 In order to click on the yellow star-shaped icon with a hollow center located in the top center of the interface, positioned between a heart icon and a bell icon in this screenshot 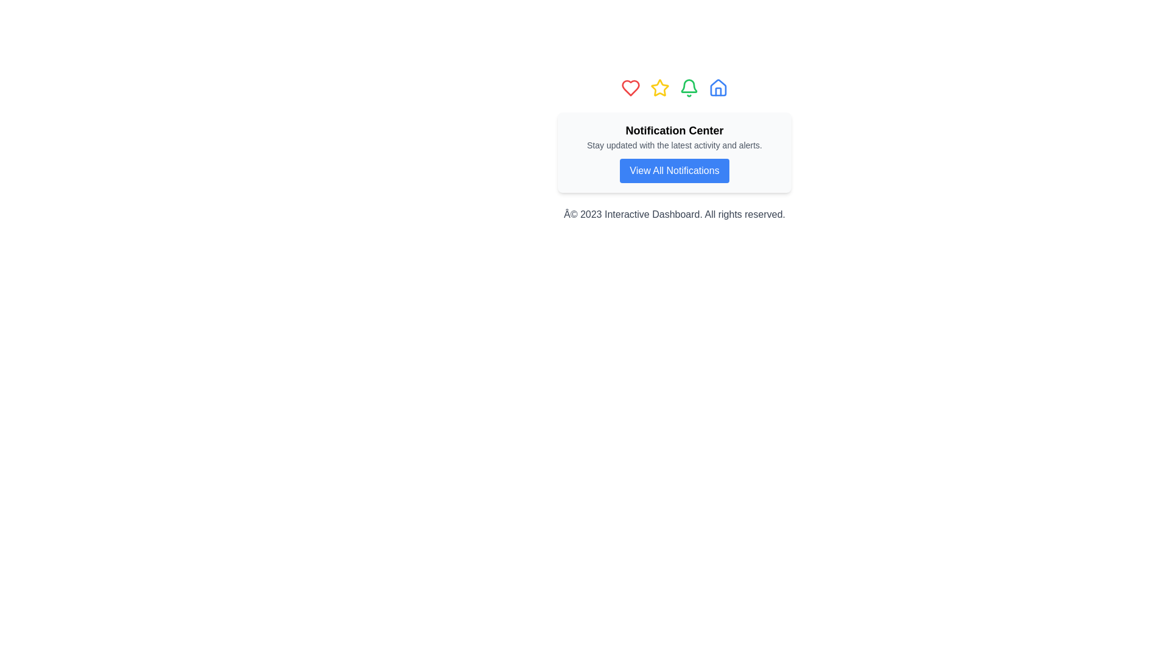, I will do `click(659, 87)`.